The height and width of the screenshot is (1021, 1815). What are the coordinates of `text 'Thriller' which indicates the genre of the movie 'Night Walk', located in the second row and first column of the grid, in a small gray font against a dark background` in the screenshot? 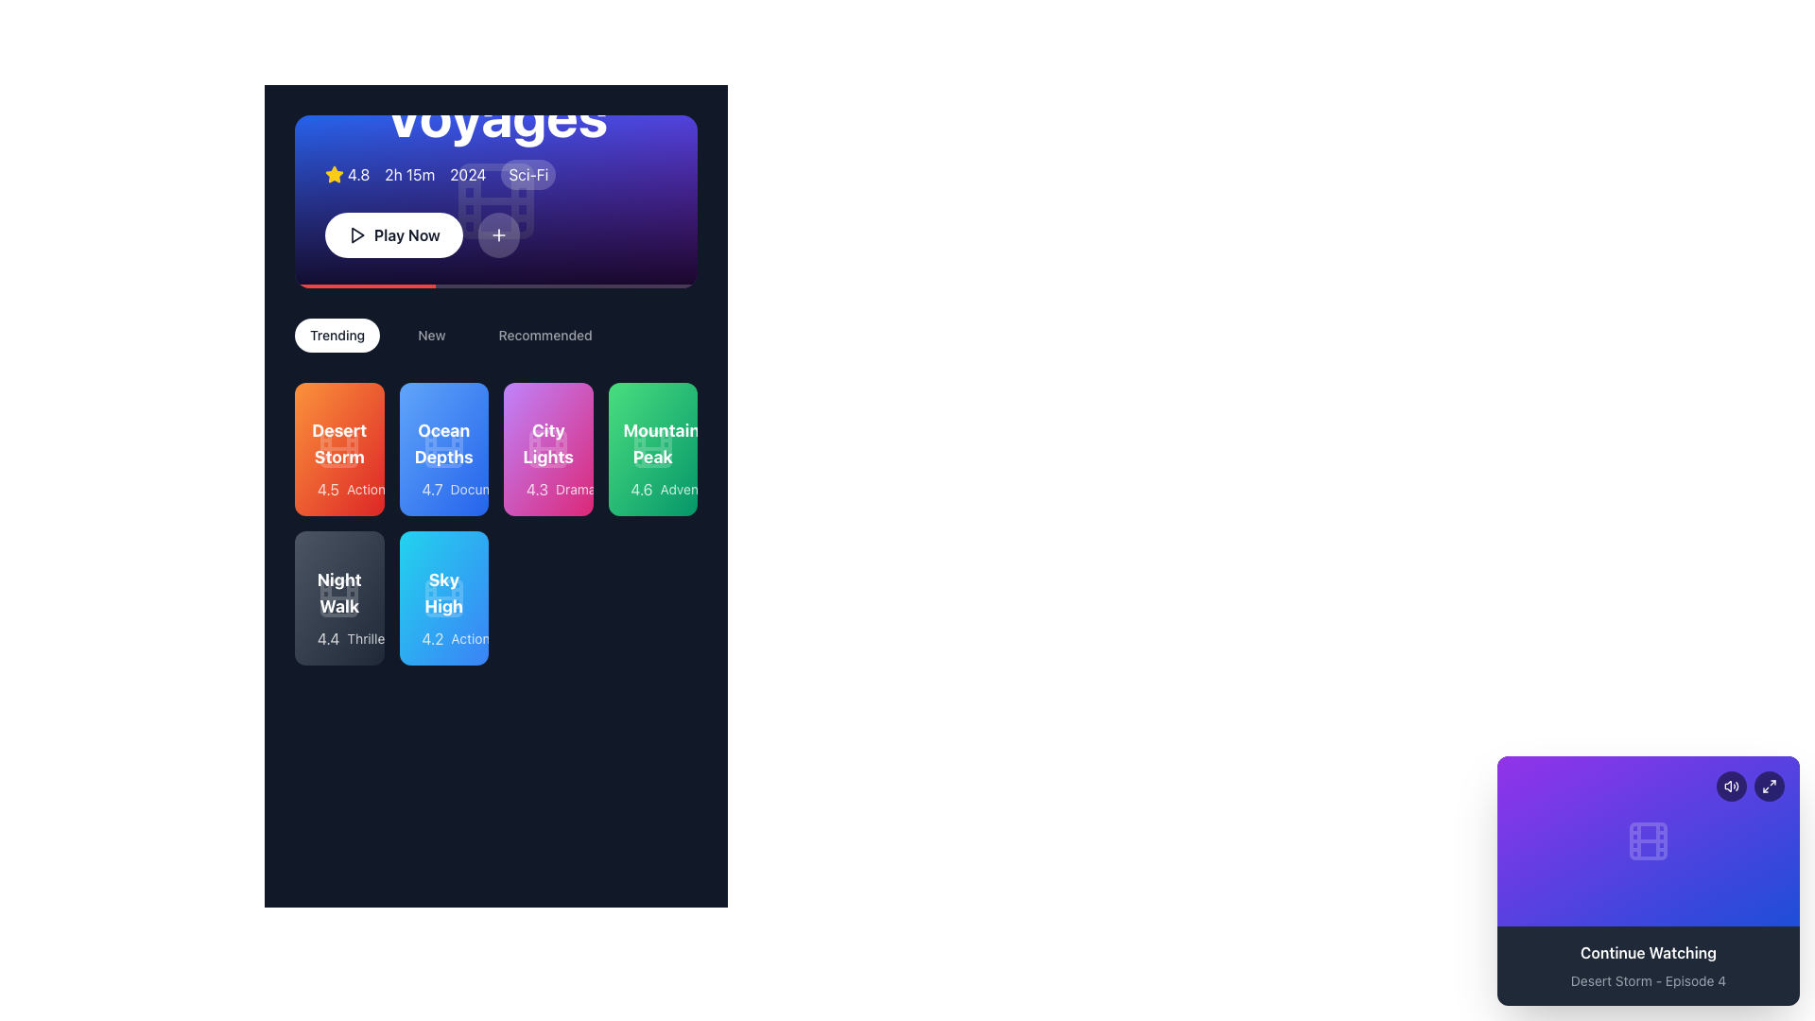 It's located at (368, 638).